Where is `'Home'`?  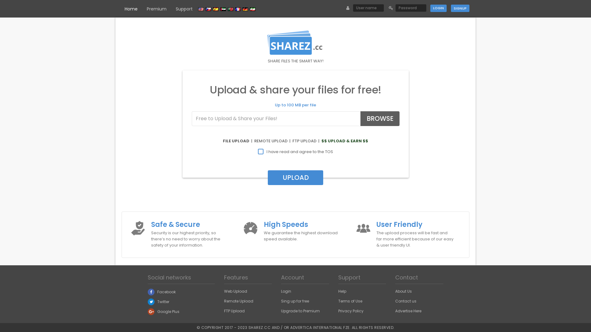 'Home' is located at coordinates (131, 9).